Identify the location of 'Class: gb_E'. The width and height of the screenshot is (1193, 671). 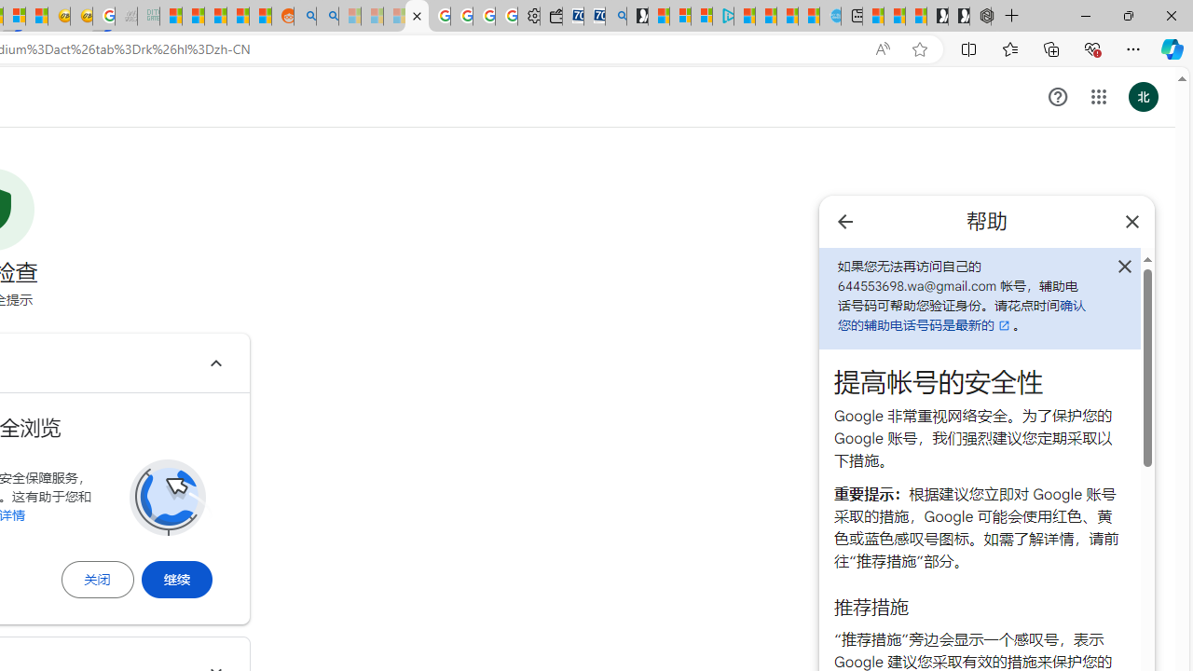
(1098, 97).